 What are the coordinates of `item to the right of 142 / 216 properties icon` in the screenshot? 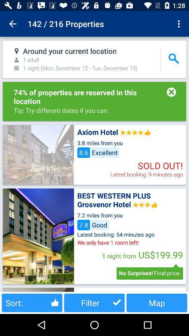 It's located at (180, 24).